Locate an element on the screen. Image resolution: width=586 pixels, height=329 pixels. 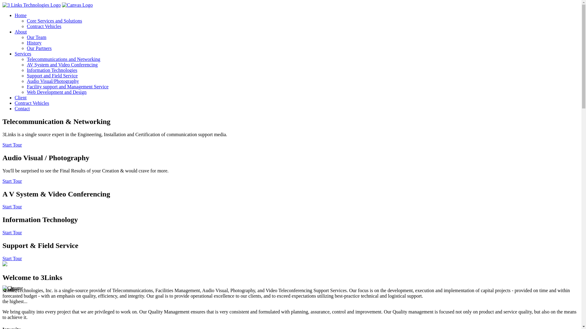
'Home' is located at coordinates (15, 15).